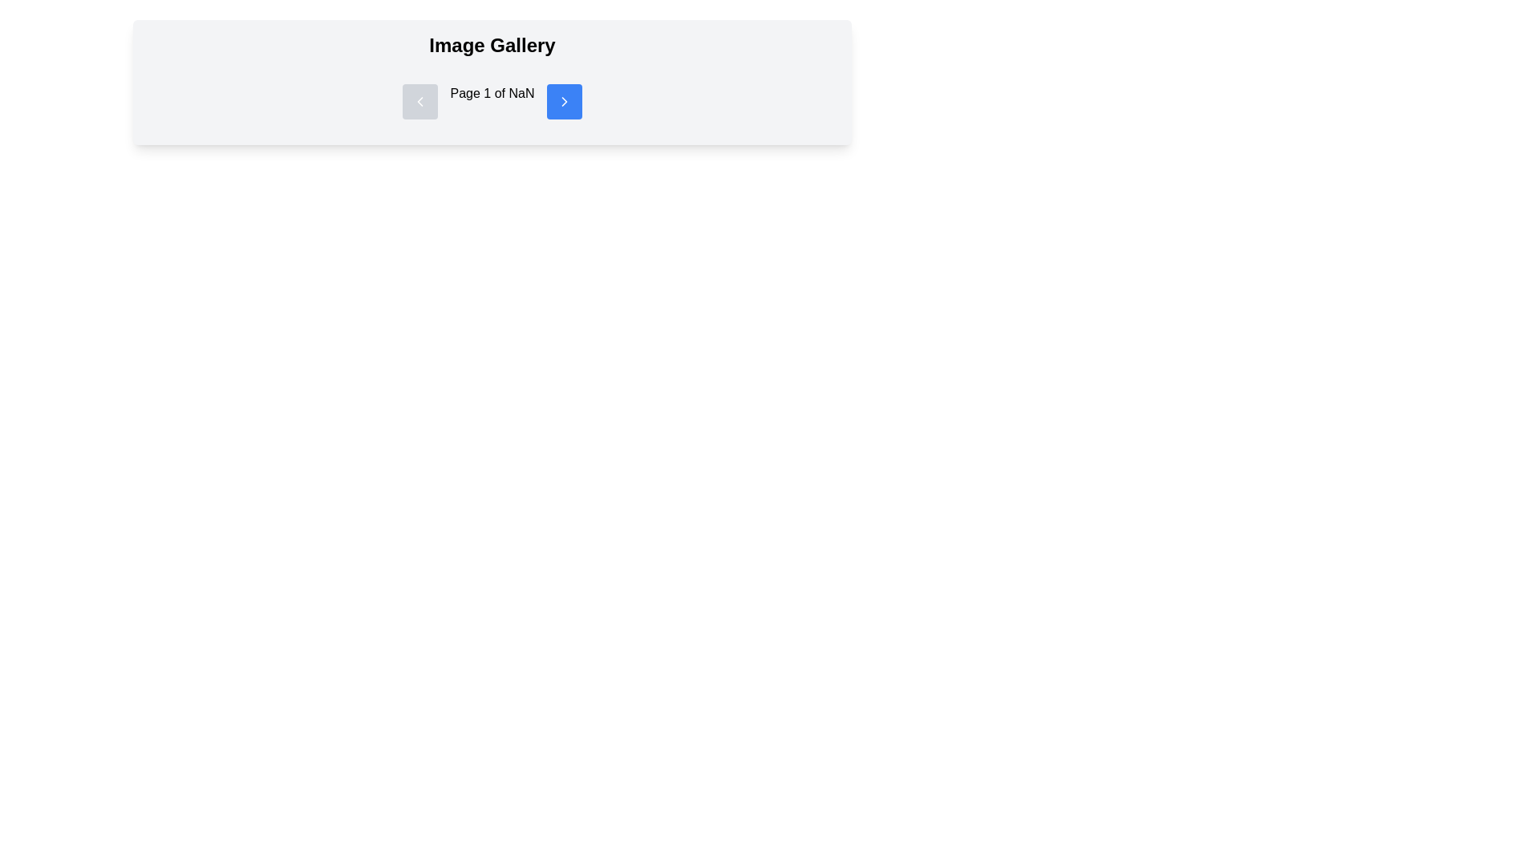 The width and height of the screenshot is (1540, 866). What do you see at coordinates (492, 102) in the screenshot?
I see `the Text Label indicating the current page index and total number of pages within the Image Gallery navigation bar` at bounding box center [492, 102].